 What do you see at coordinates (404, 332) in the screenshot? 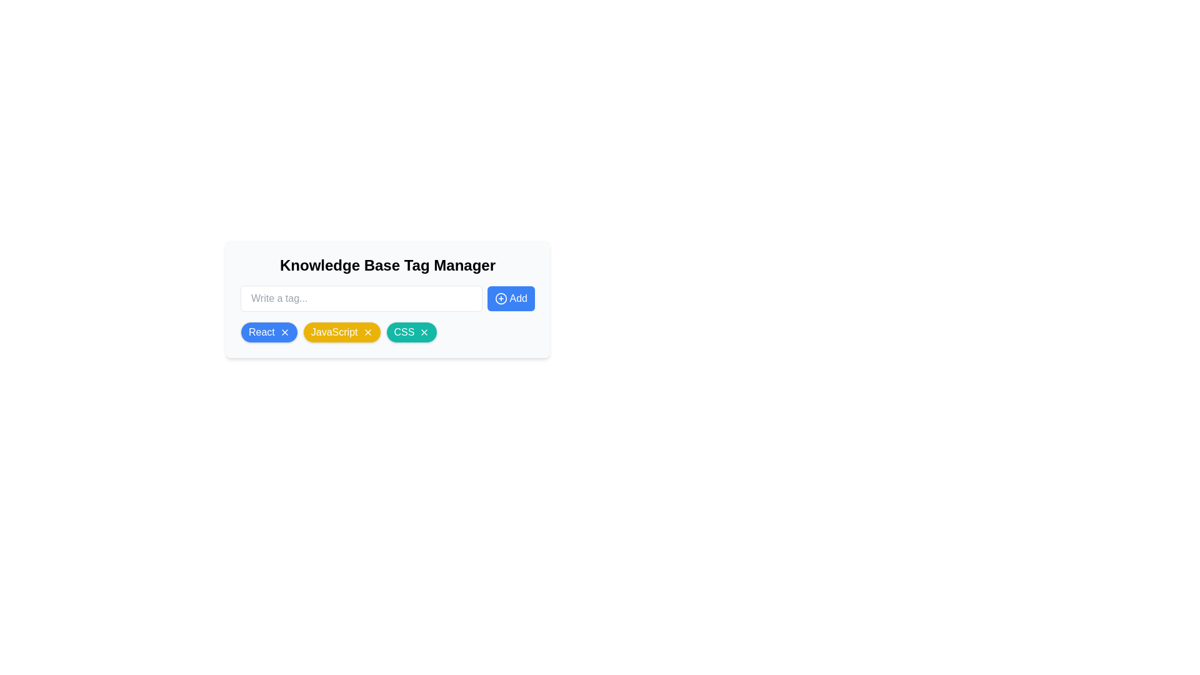
I see `the text label that identifies the 'CSS' tag, located towards the bottom-right of the tag, which serves as a category or keyword indicator` at bounding box center [404, 332].